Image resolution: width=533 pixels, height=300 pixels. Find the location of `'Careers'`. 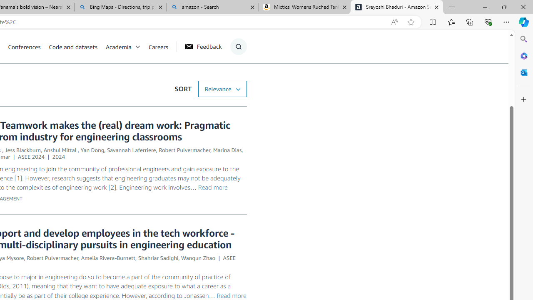

'Careers' is located at coordinates (162, 46).